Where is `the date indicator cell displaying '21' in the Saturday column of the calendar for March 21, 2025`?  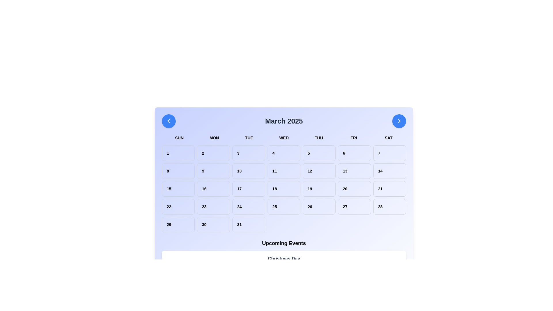
the date indicator cell displaying '21' in the Saturday column of the calendar for March 21, 2025 is located at coordinates (389, 189).